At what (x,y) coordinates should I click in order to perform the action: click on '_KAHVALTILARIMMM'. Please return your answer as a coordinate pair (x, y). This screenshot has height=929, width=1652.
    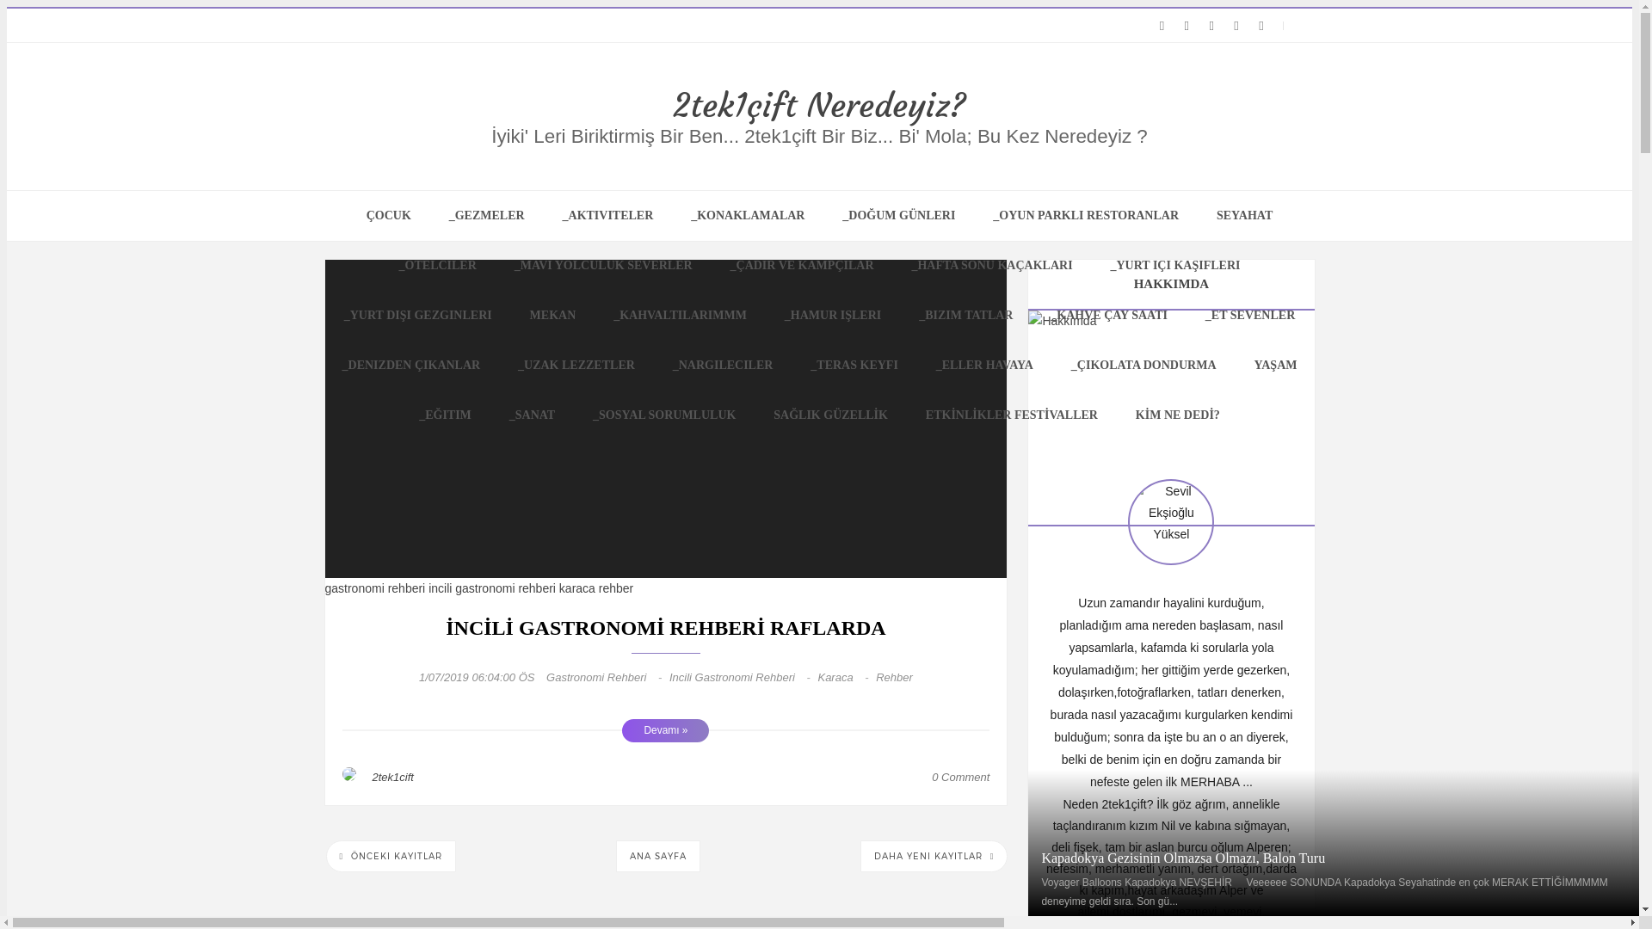
    Looking at the image, I should click on (679, 315).